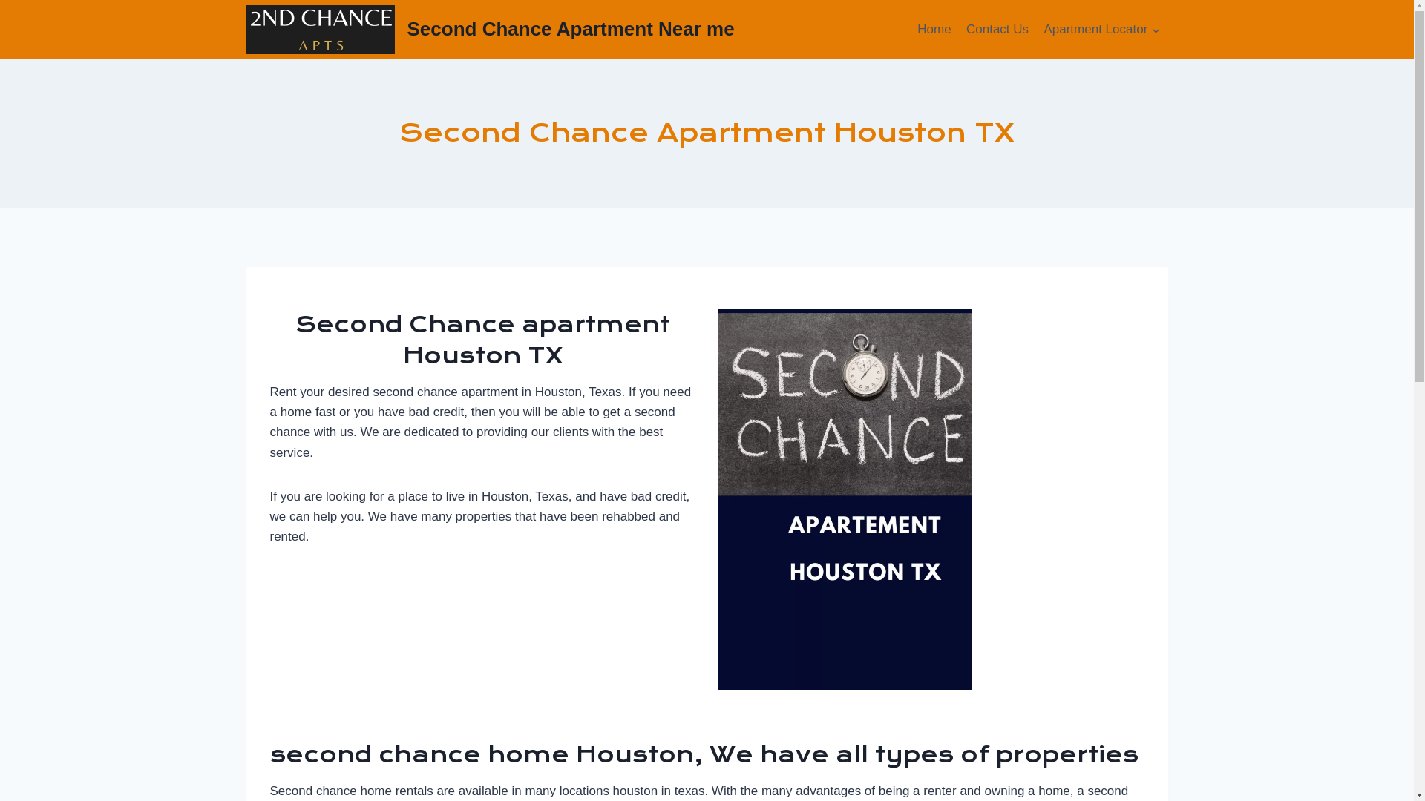 The height and width of the screenshot is (801, 1425). I want to click on 'Apartment Locator', so click(1101, 29).